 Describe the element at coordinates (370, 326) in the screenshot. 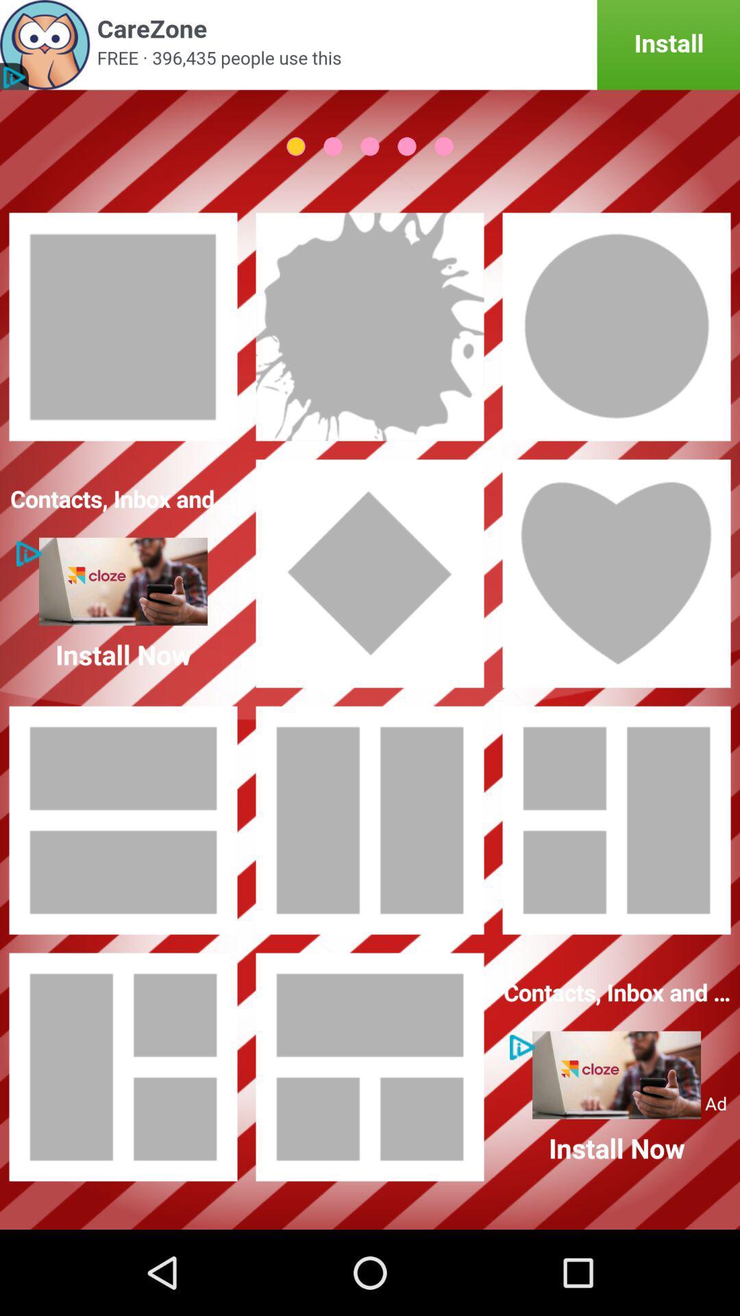

I see `frame` at that location.